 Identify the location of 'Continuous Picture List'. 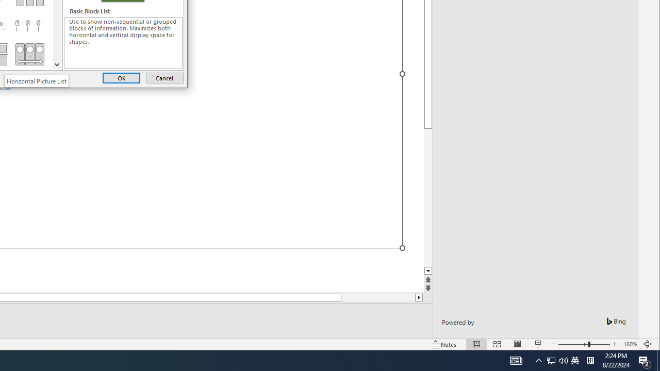
(29, 54).